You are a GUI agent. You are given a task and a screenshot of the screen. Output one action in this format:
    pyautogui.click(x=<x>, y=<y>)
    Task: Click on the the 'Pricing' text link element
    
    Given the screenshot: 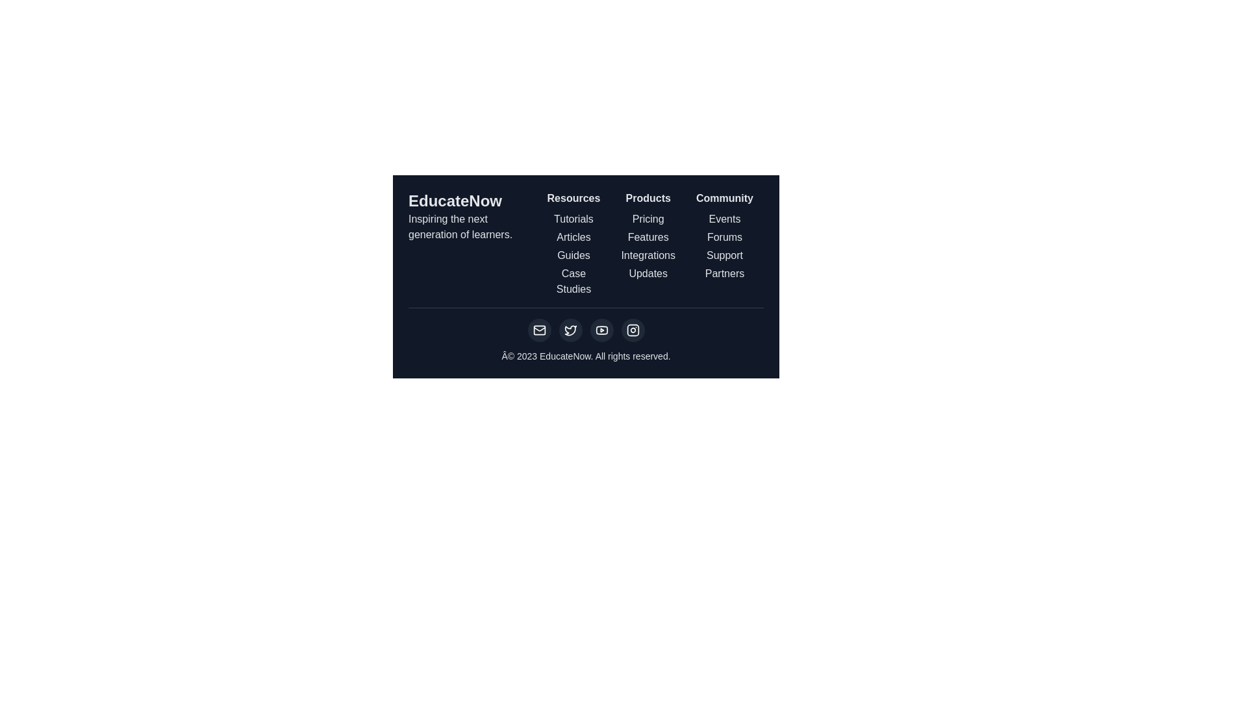 What is the action you would take?
    pyautogui.click(x=648, y=219)
    